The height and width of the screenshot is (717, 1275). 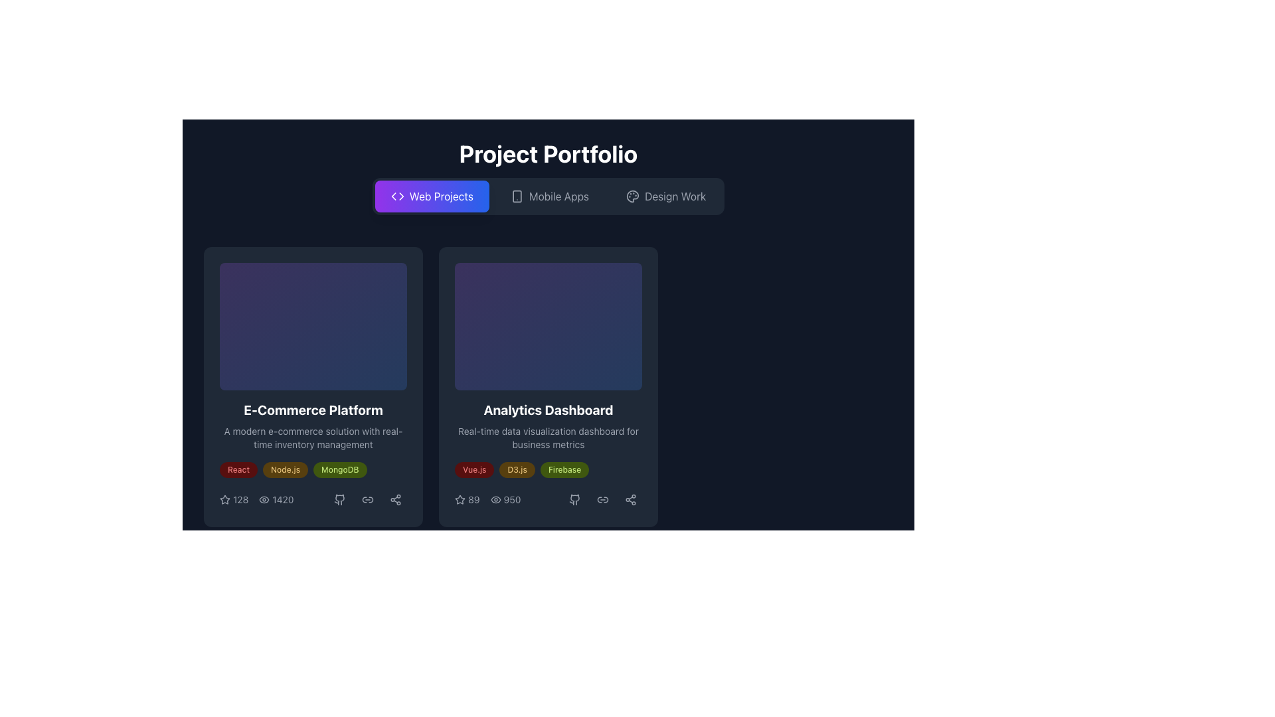 I want to click on the text content within the styled button in the navigation bar below 'Project Portfolio', so click(x=441, y=197).